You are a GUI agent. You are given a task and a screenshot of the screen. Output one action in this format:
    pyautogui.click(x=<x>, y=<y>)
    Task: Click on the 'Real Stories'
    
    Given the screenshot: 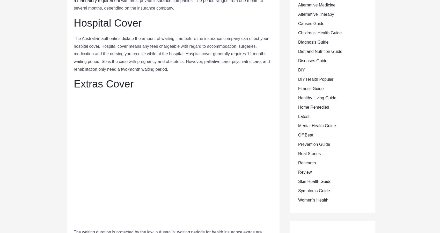 What is the action you would take?
    pyautogui.click(x=309, y=154)
    